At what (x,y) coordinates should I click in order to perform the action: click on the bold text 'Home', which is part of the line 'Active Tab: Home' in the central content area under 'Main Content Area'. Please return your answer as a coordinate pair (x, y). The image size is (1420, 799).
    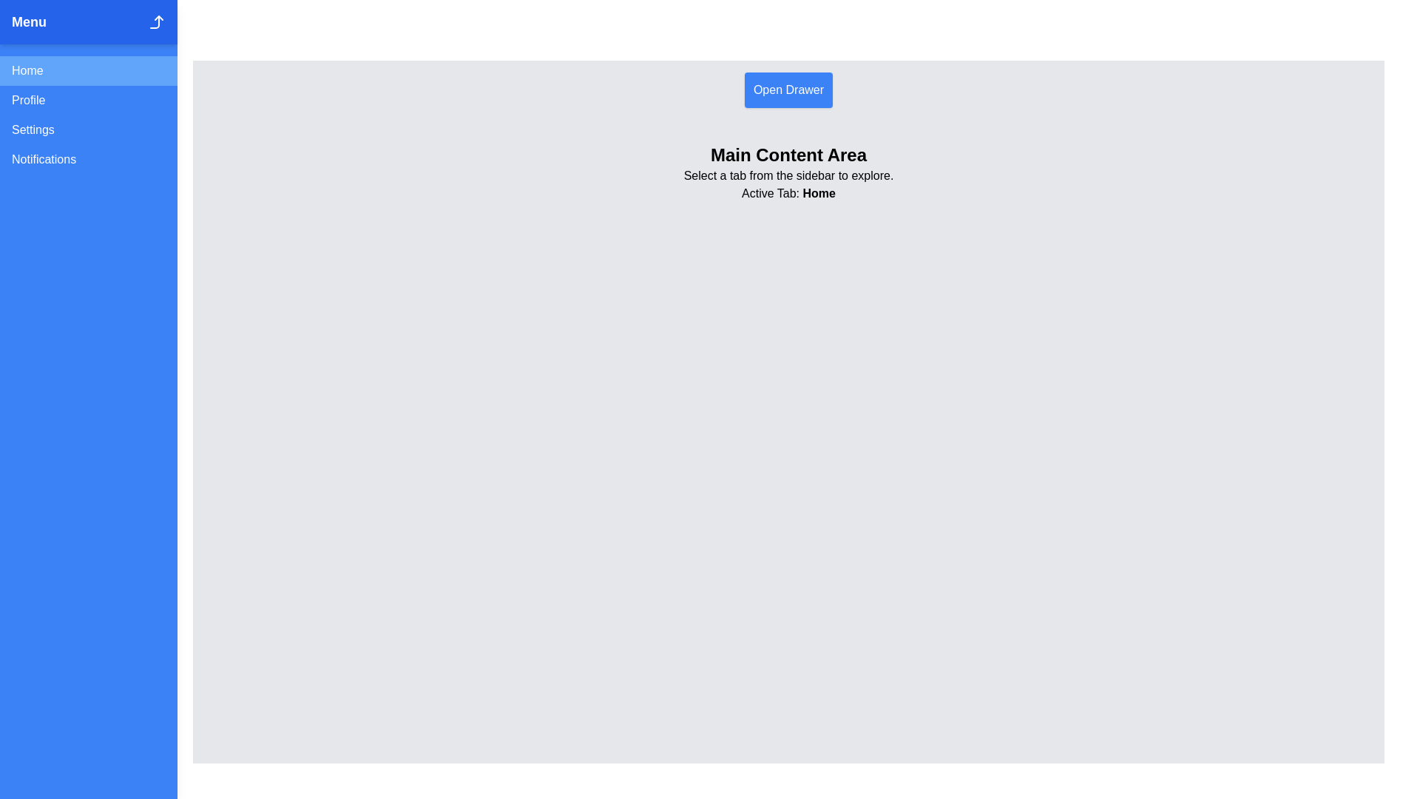
    Looking at the image, I should click on (818, 192).